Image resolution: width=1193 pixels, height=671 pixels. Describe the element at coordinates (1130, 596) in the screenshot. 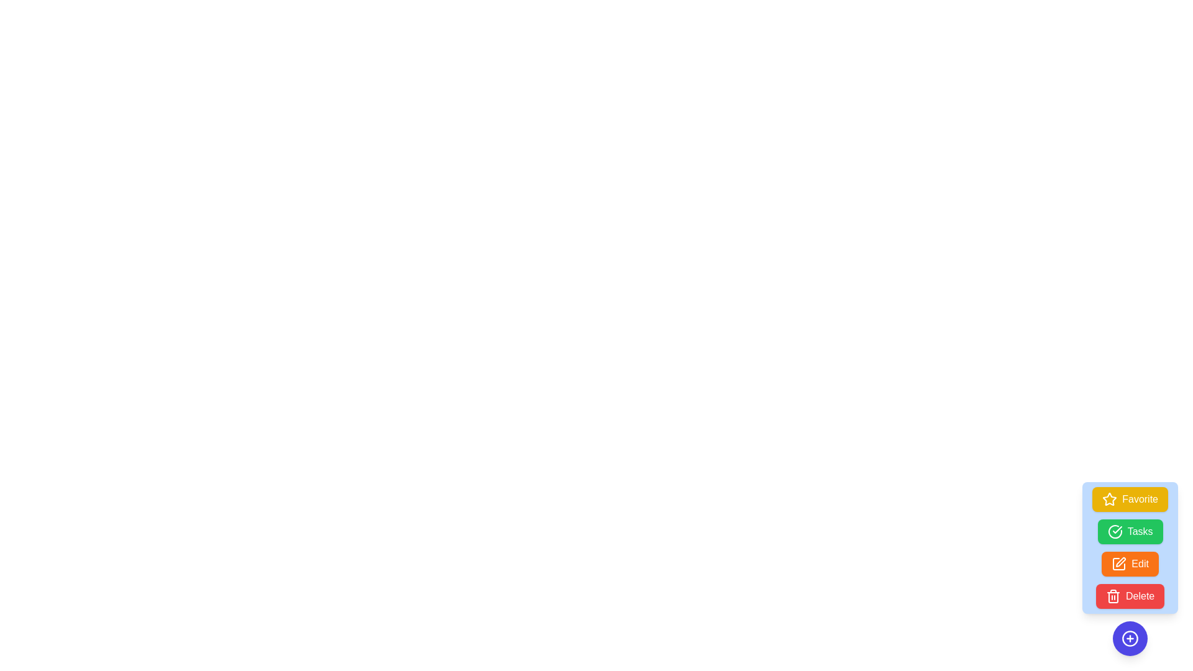

I see `the 'Delete' button, which is a rectangular button with a red background and white text, located at the bottom of the vertical stack on the right side of the interface` at that location.